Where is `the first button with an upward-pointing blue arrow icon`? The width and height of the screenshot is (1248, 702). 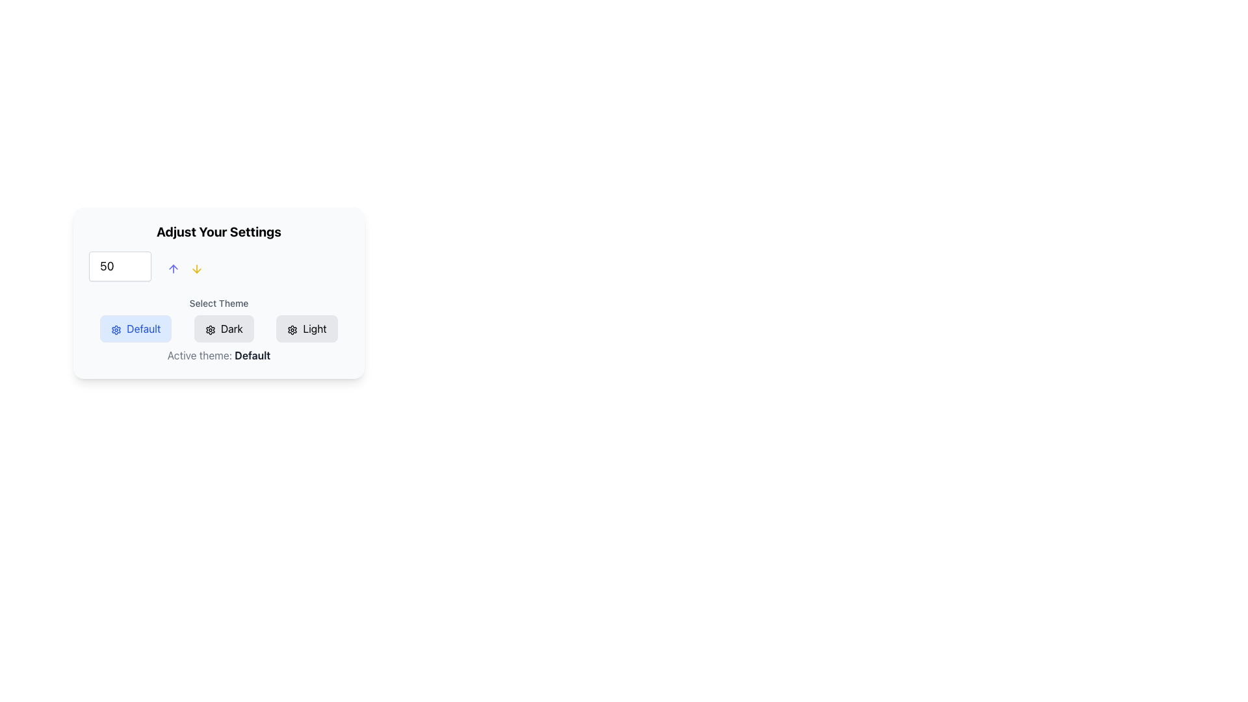
the first button with an upward-pointing blue arrow icon is located at coordinates (173, 268).